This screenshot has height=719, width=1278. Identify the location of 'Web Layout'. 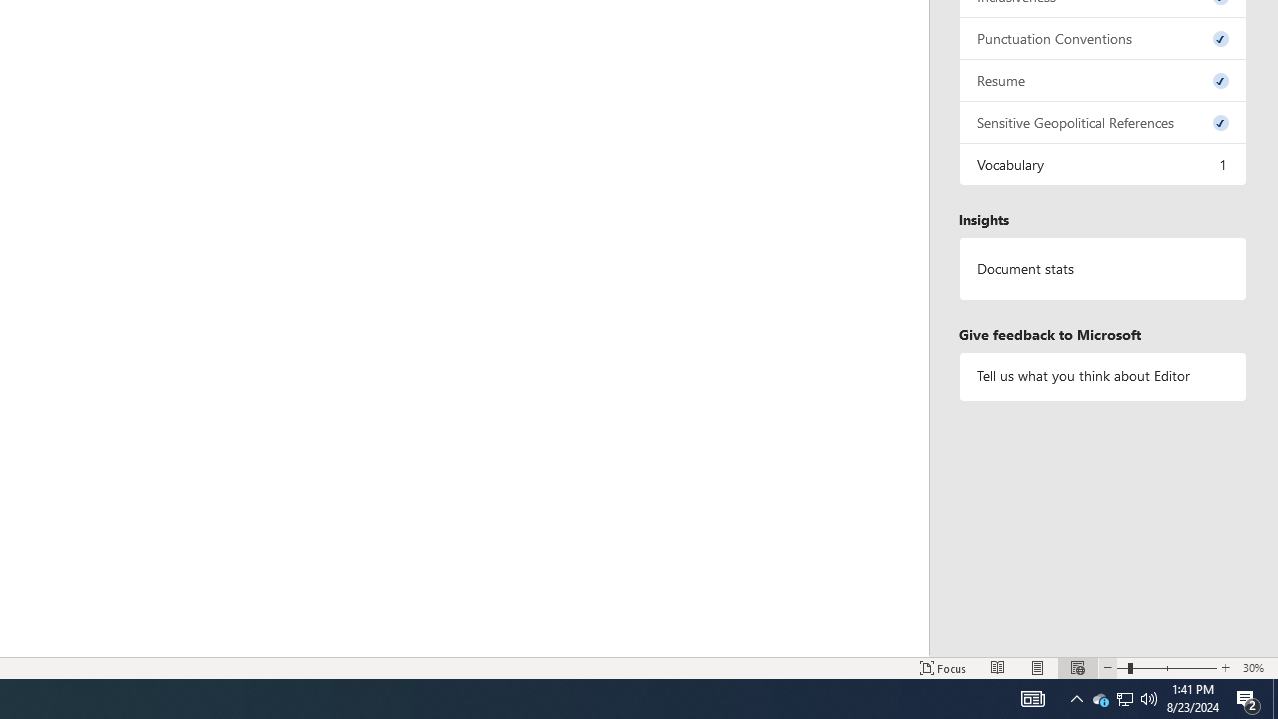
(1076, 668).